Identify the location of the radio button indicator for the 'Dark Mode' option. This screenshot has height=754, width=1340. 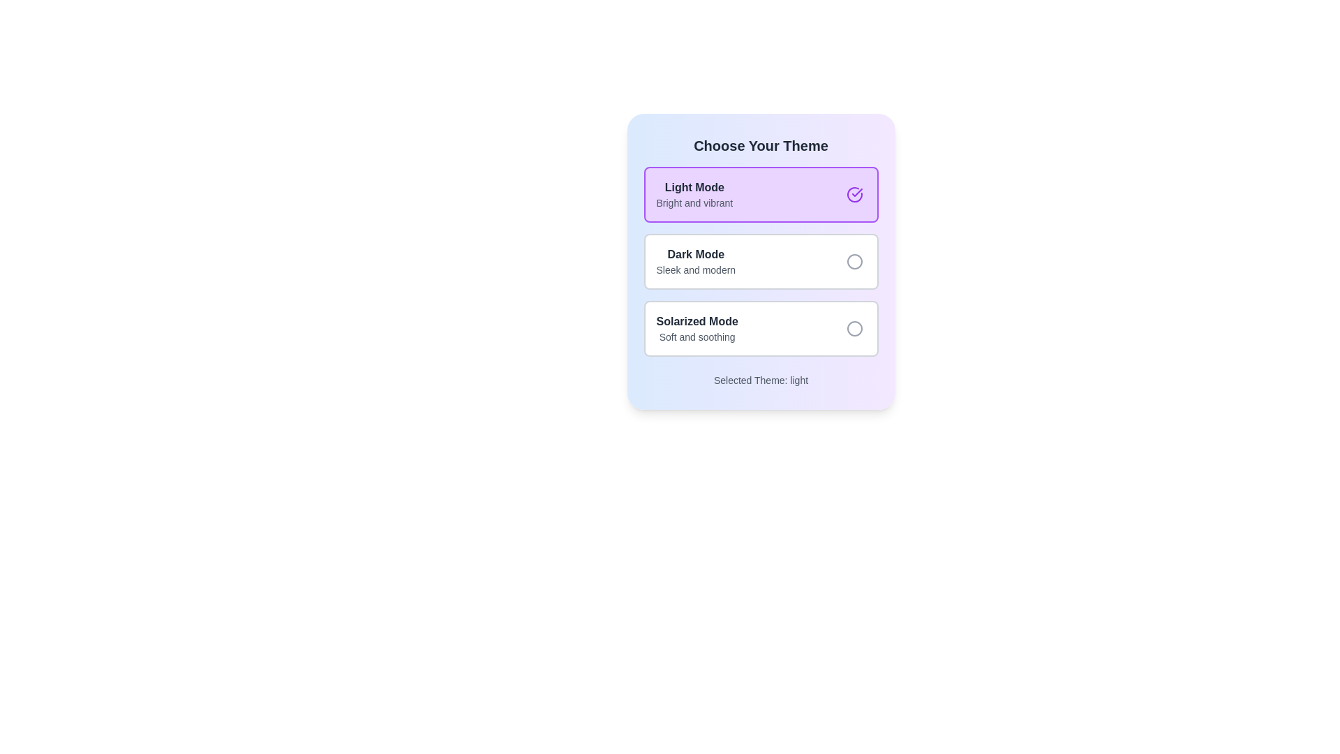
(854, 261).